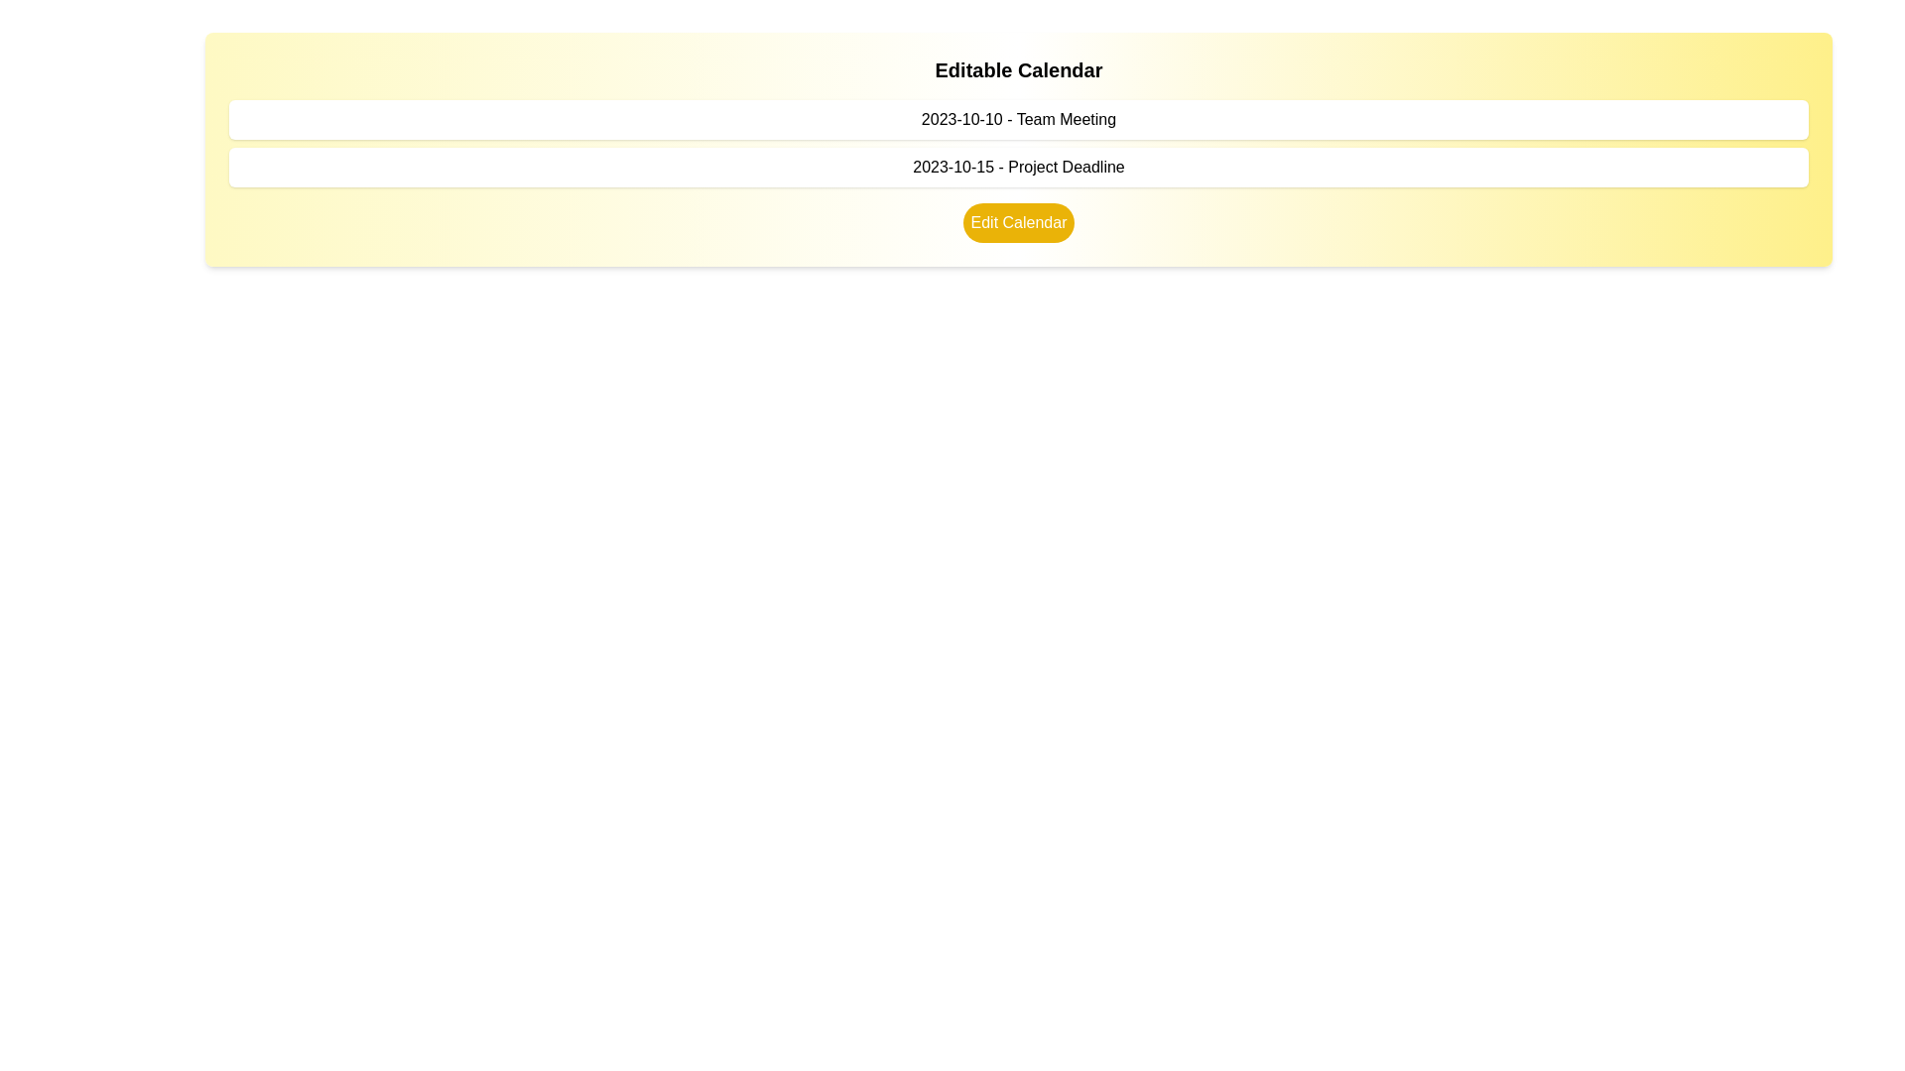 This screenshot has height=1071, width=1905. What do you see at coordinates (1019, 222) in the screenshot?
I see `the 'Edit Calendar' button with a yellow background and rounded edges located below the listed items in the main calendar section` at bounding box center [1019, 222].